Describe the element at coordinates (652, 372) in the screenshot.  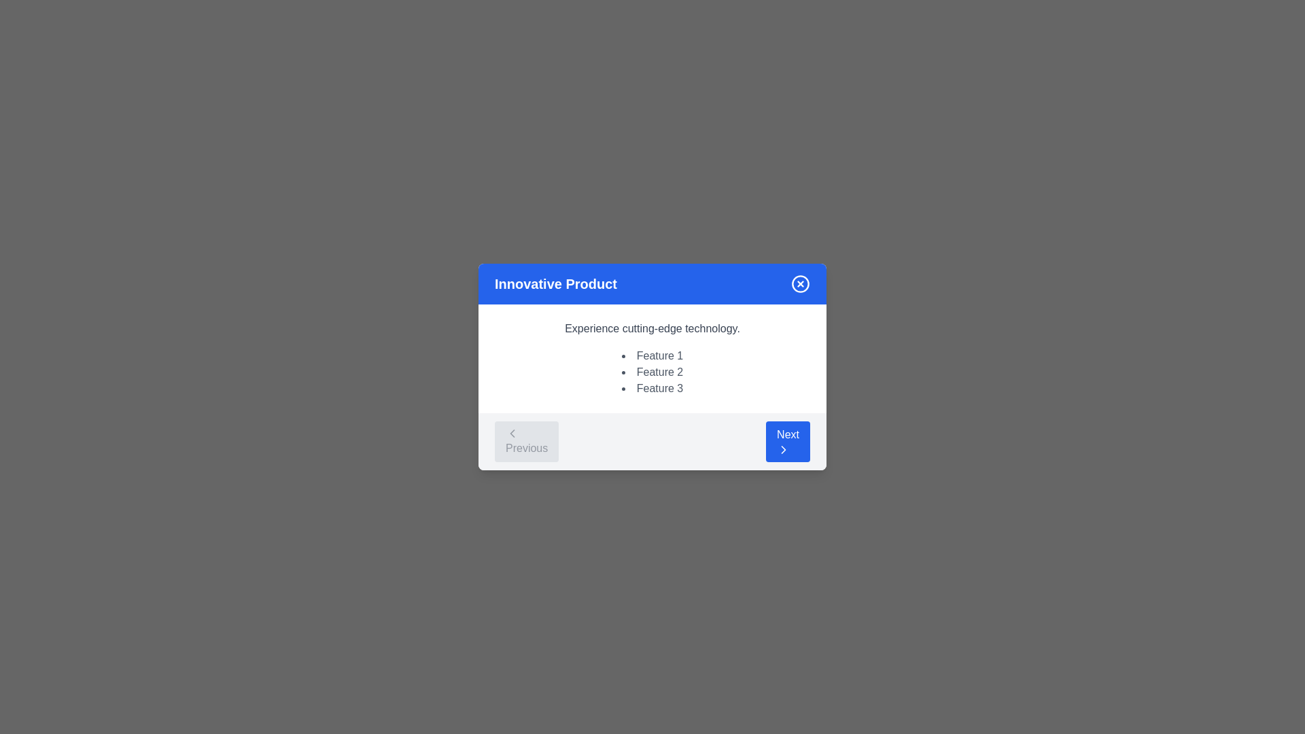
I see `the bulleted list containing 'Feature 1', 'Feature 2', and 'Feature 3', which is located below the heading 'Experience cutting-edge technology.' in the middle section of the card-like dialog box` at that location.